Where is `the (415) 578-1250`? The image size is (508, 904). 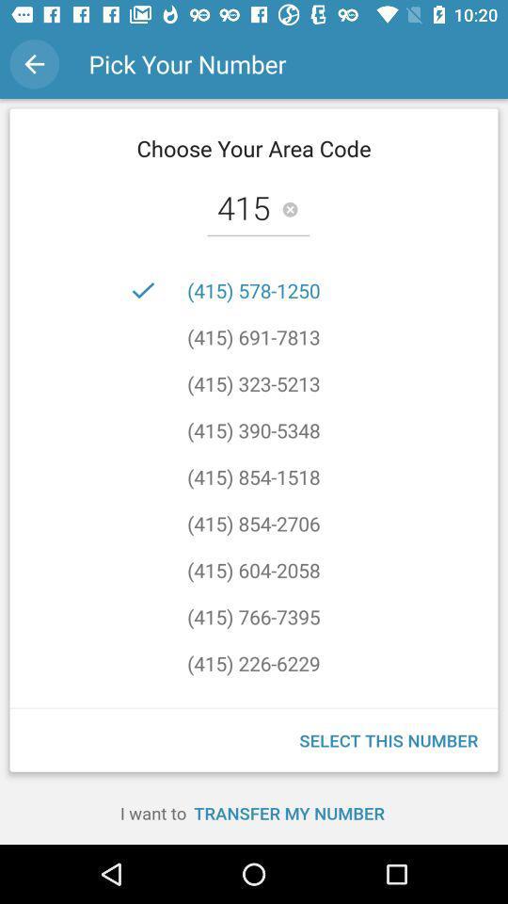 the (415) 578-1250 is located at coordinates (253, 290).